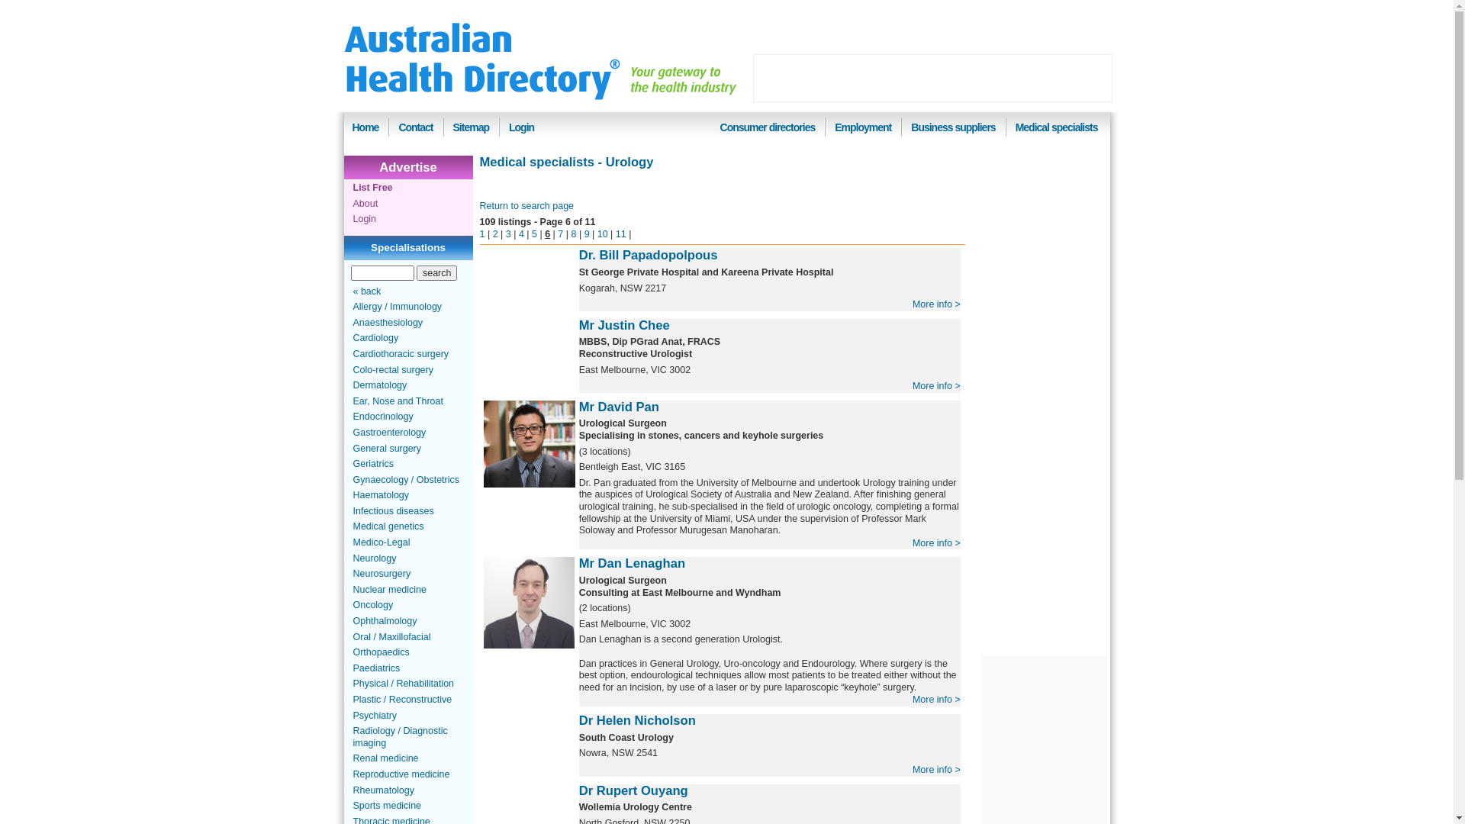 Image resolution: width=1465 pixels, height=824 pixels. What do you see at coordinates (381, 494) in the screenshot?
I see `'Haematology'` at bounding box center [381, 494].